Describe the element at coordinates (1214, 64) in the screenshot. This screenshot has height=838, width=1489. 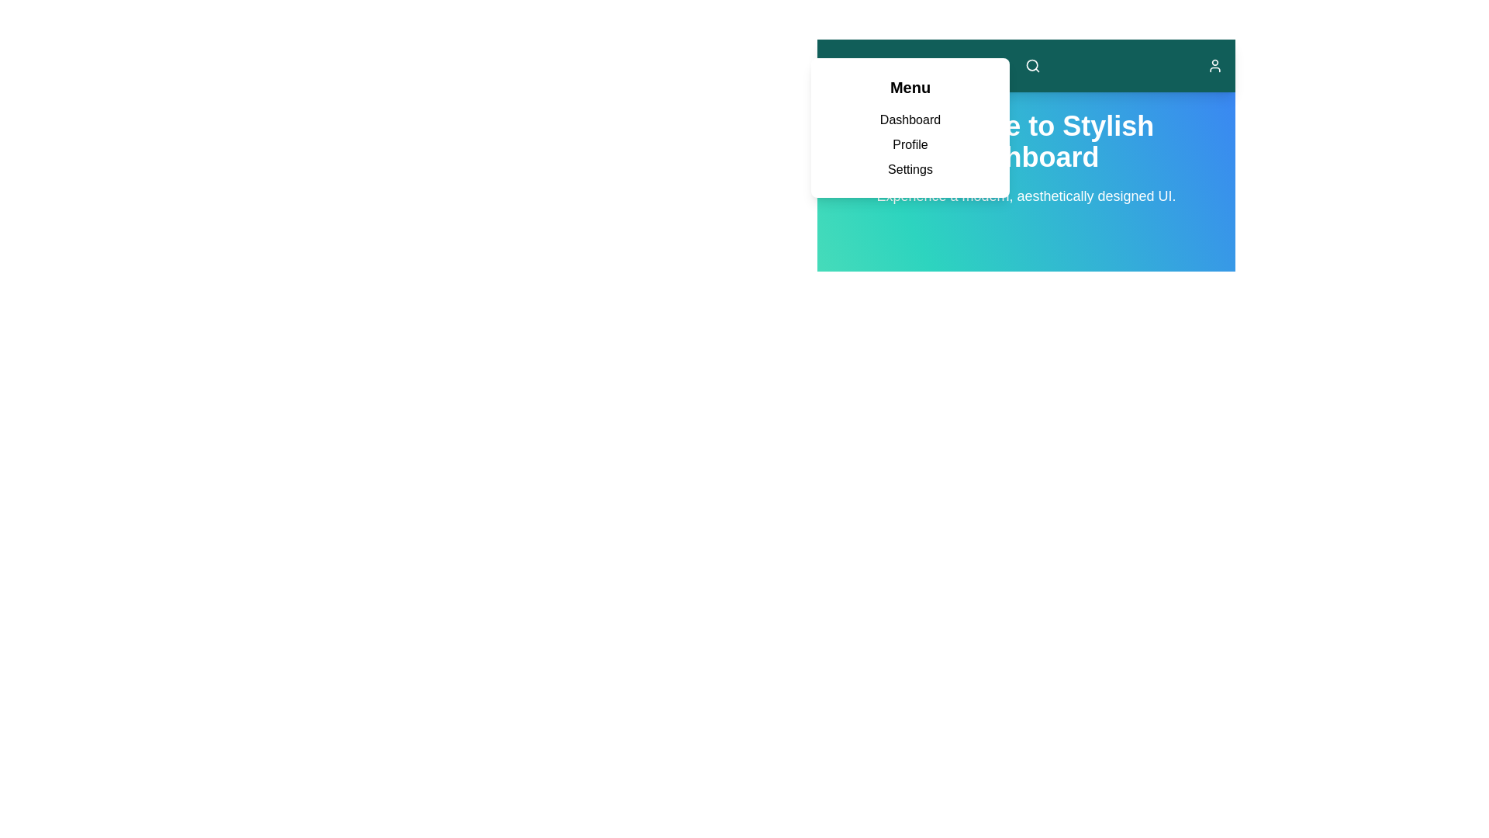
I see `the user icon to access user options` at that location.